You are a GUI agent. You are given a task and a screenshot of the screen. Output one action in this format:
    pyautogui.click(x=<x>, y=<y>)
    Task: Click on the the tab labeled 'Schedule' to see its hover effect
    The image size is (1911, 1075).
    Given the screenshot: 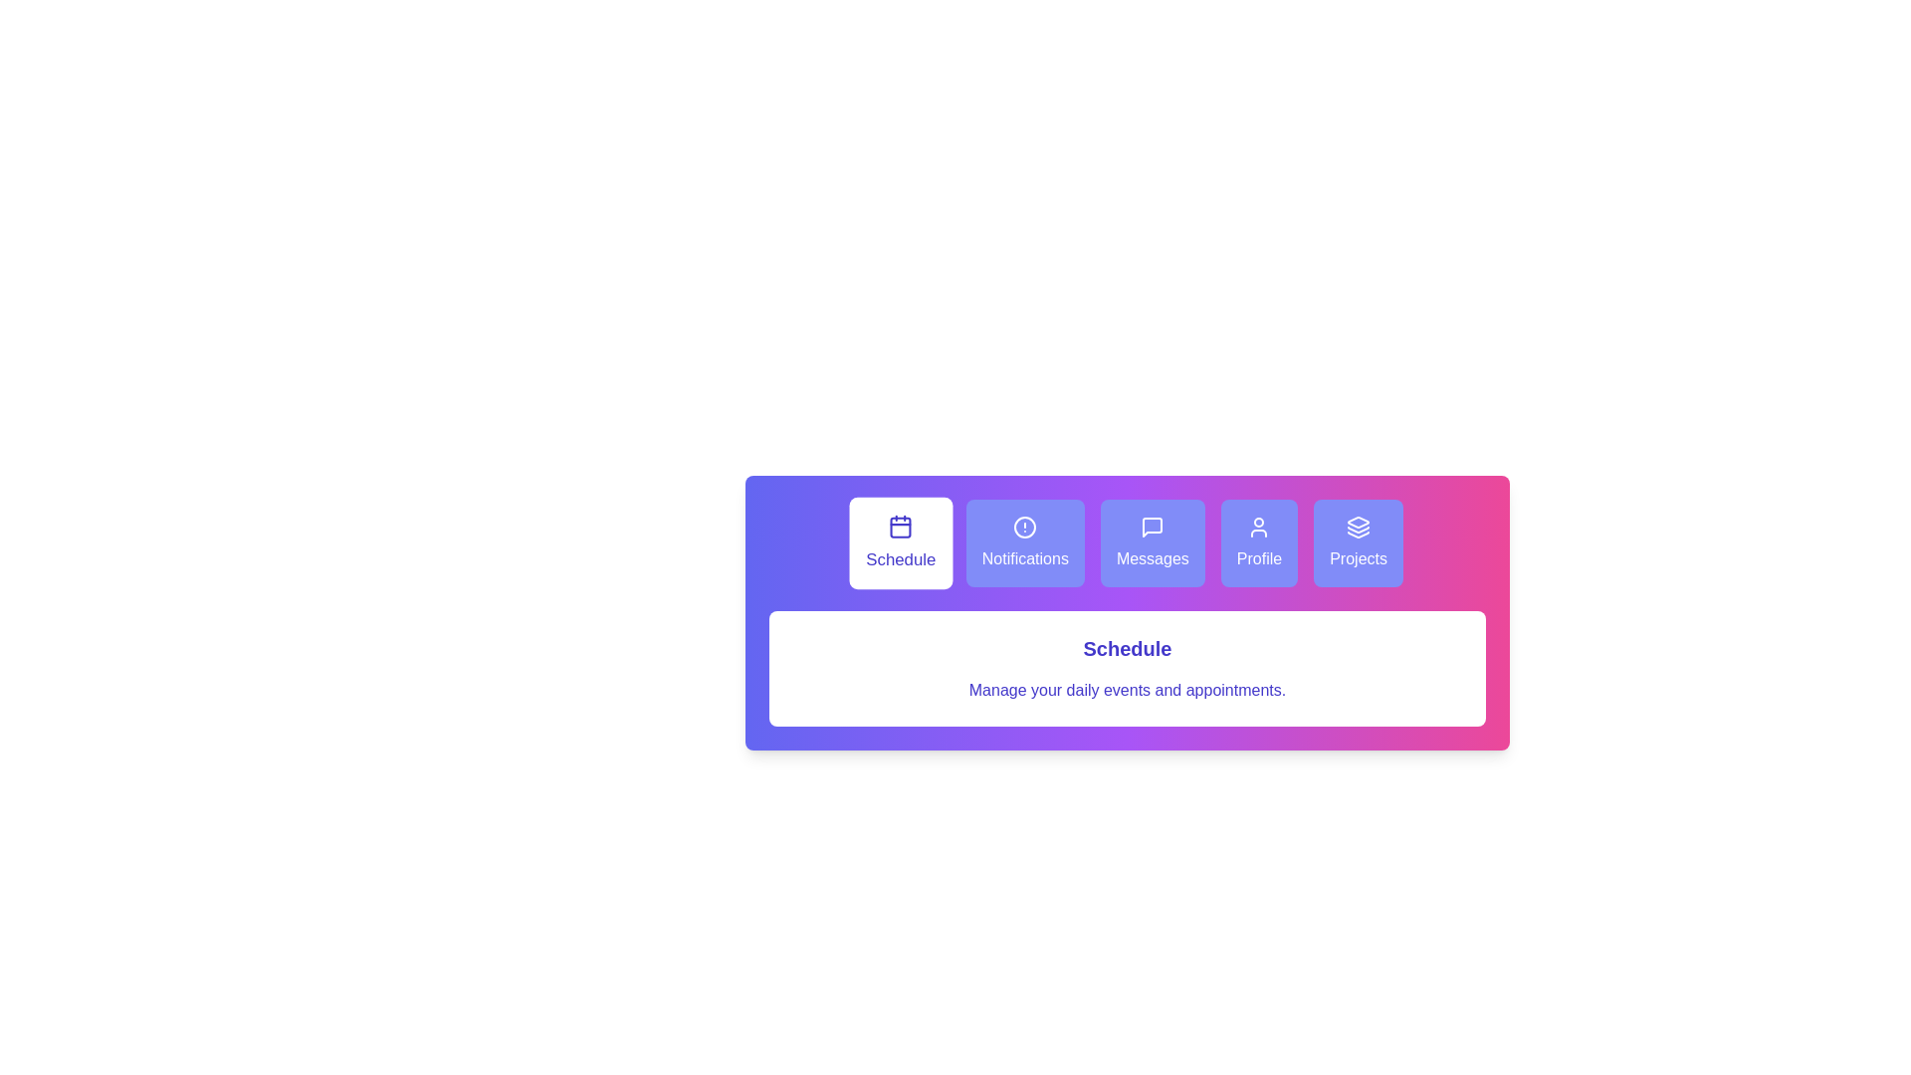 What is the action you would take?
    pyautogui.click(x=900, y=543)
    